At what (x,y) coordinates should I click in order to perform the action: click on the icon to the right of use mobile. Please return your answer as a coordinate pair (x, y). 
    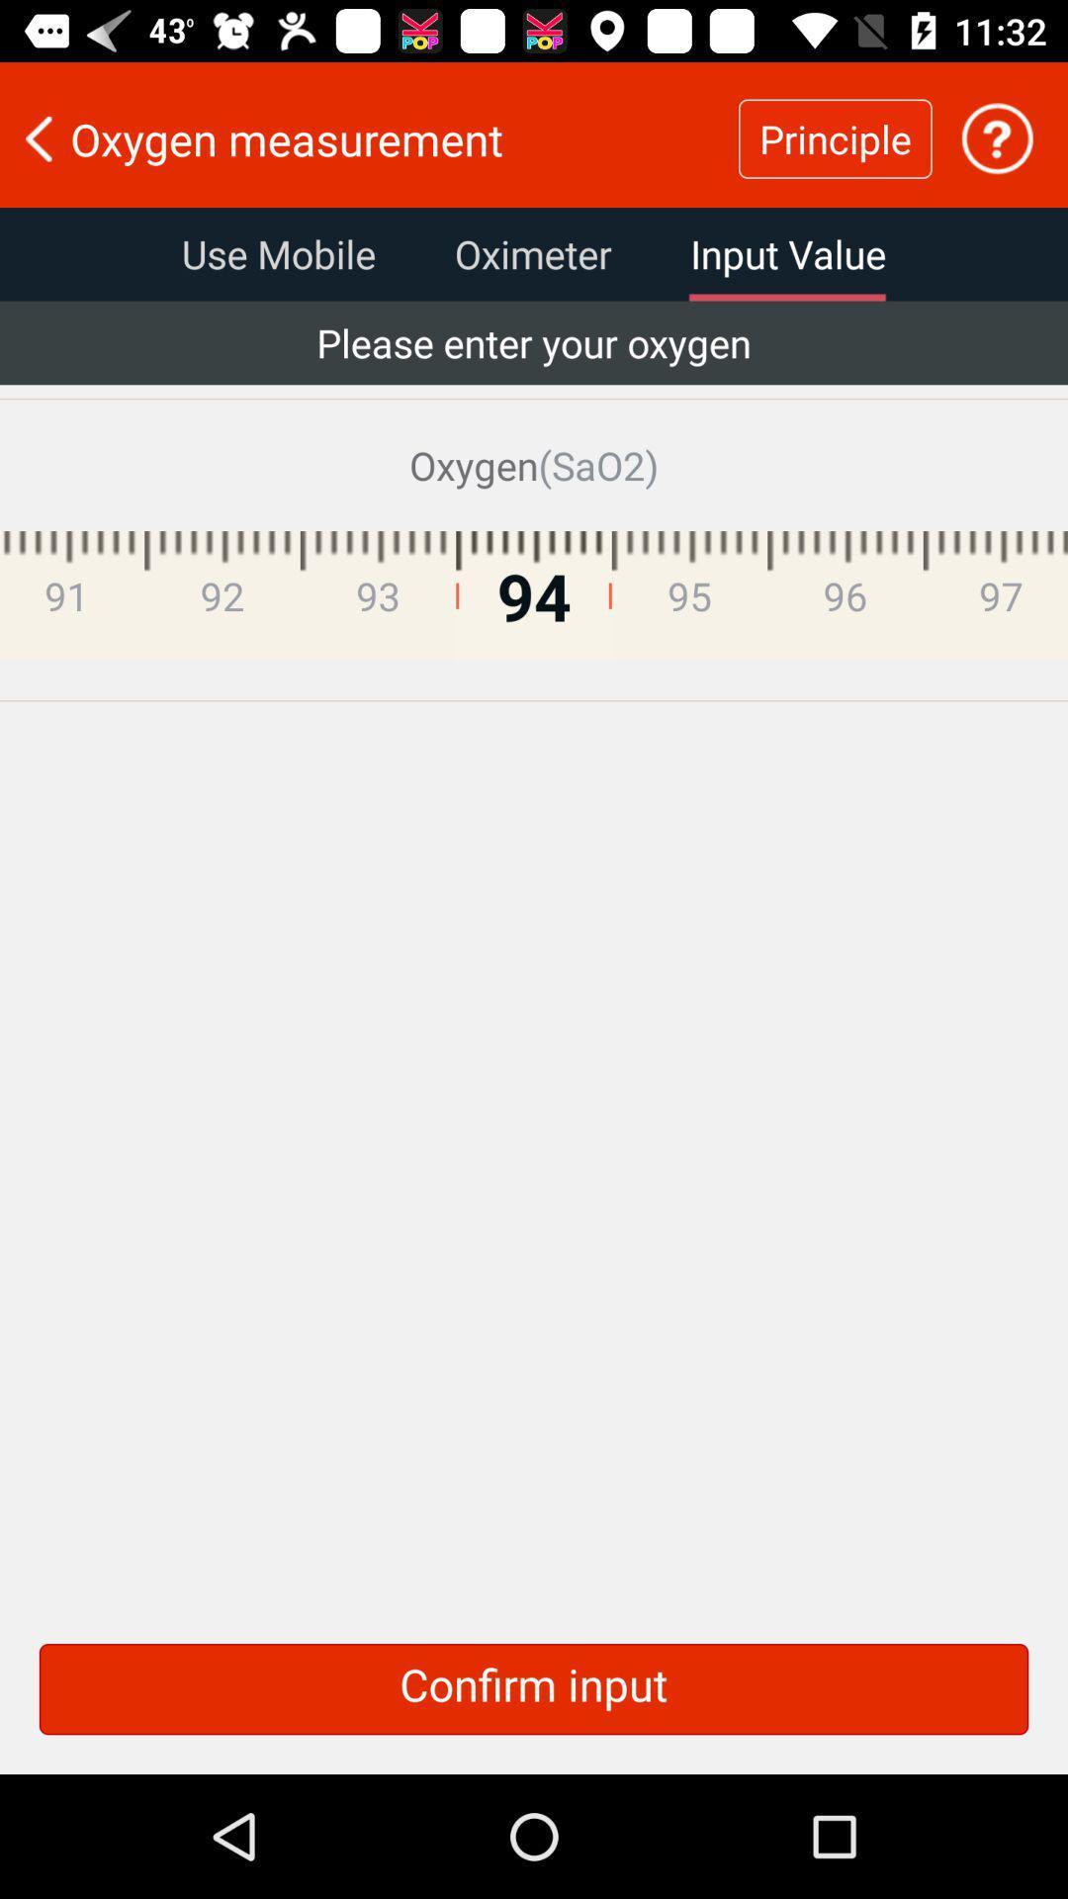
    Looking at the image, I should click on (532, 253).